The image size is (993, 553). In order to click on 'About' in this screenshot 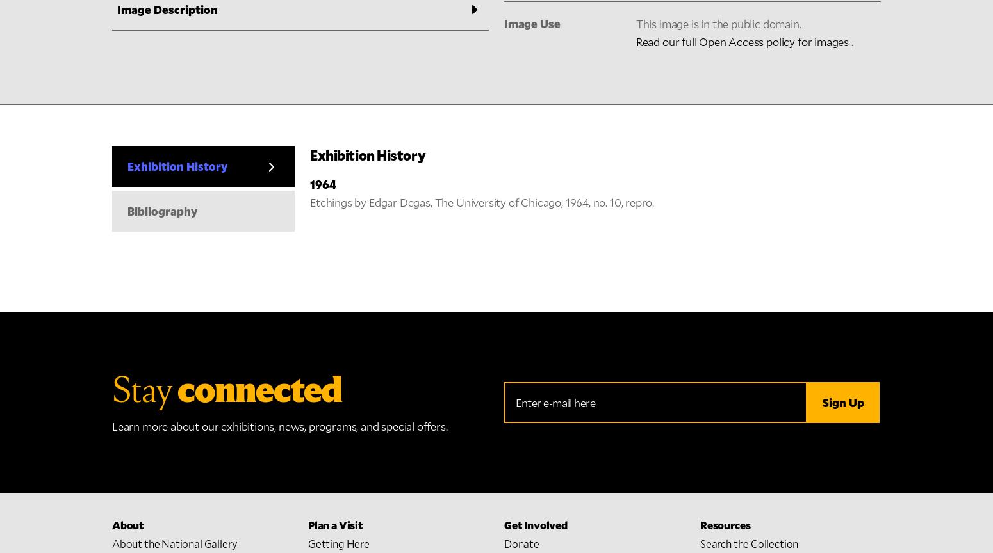, I will do `click(127, 157)`.